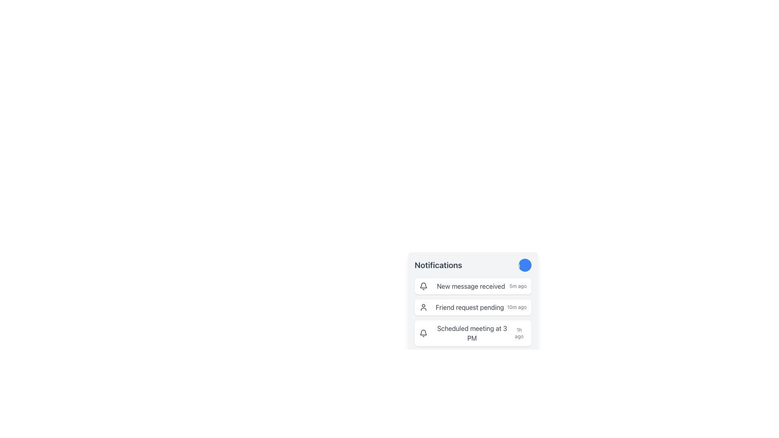 This screenshot has height=438, width=779. What do you see at coordinates (516, 307) in the screenshot?
I see `text label displaying '10m ago' located in the bottom-right corner of the notification card indicating the time elapsed since the event occurred` at bounding box center [516, 307].